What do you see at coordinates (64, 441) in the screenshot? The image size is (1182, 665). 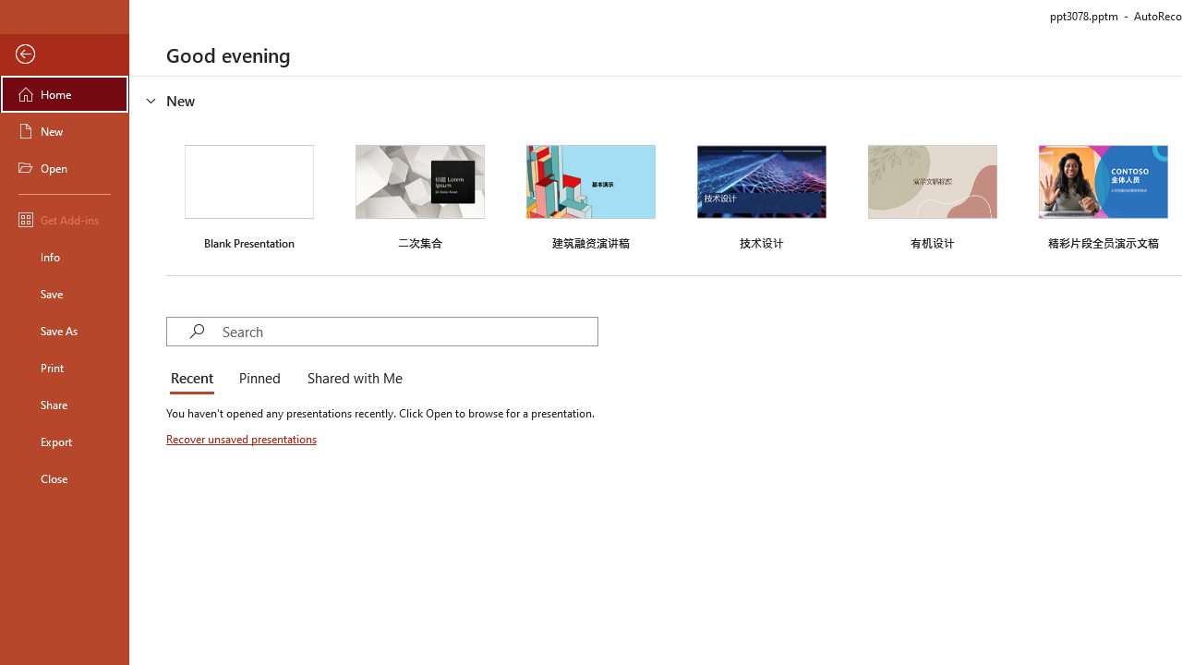 I see `'Export'` at bounding box center [64, 441].